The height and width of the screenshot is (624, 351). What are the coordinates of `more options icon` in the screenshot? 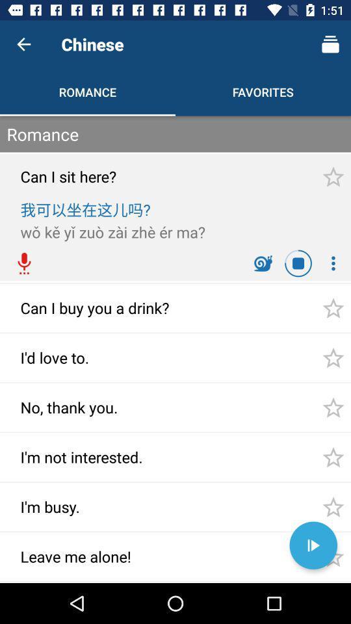 It's located at (333, 263).